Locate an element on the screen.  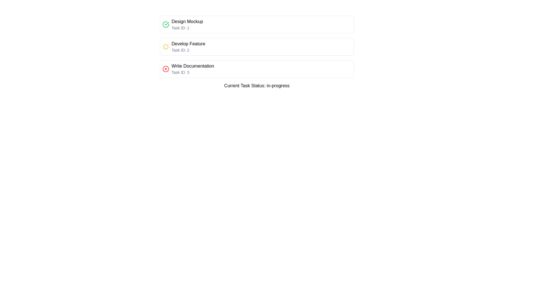
the Spinner or Loading Indicator, which is the leftmost visual component in the card containing 'Develop Feature' and 'Task ID: 2', positioned as the second card in a vertical stack is located at coordinates (165, 46).